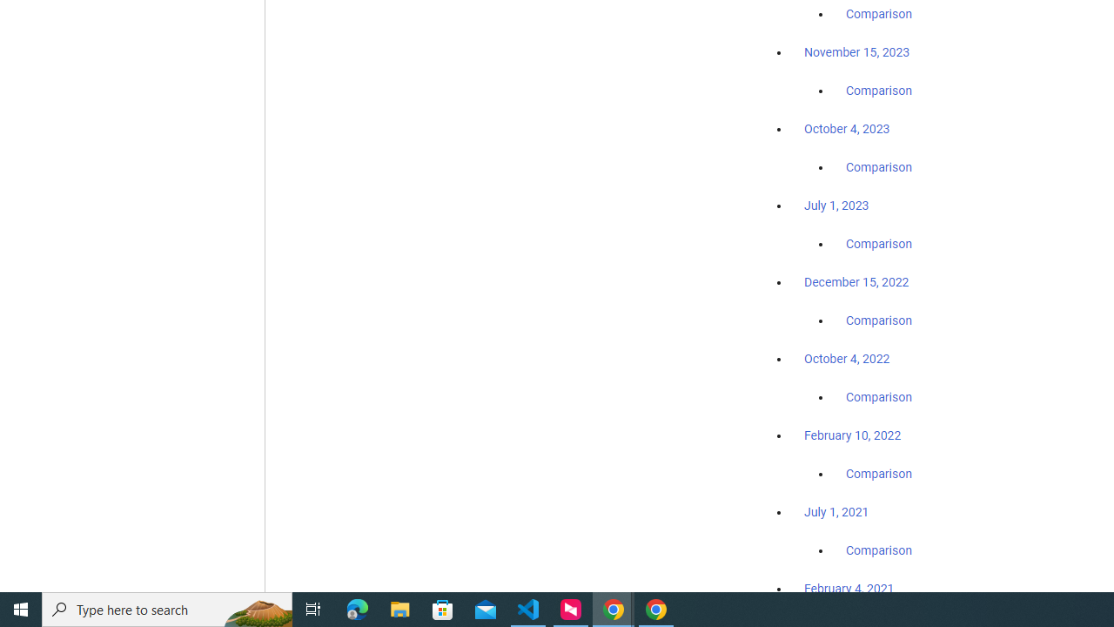 The width and height of the screenshot is (1114, 627). What do you see at coordinates (849, 588) in the screenshot?
I see `'February 4, 2021'` at bounding box center [849, 588].